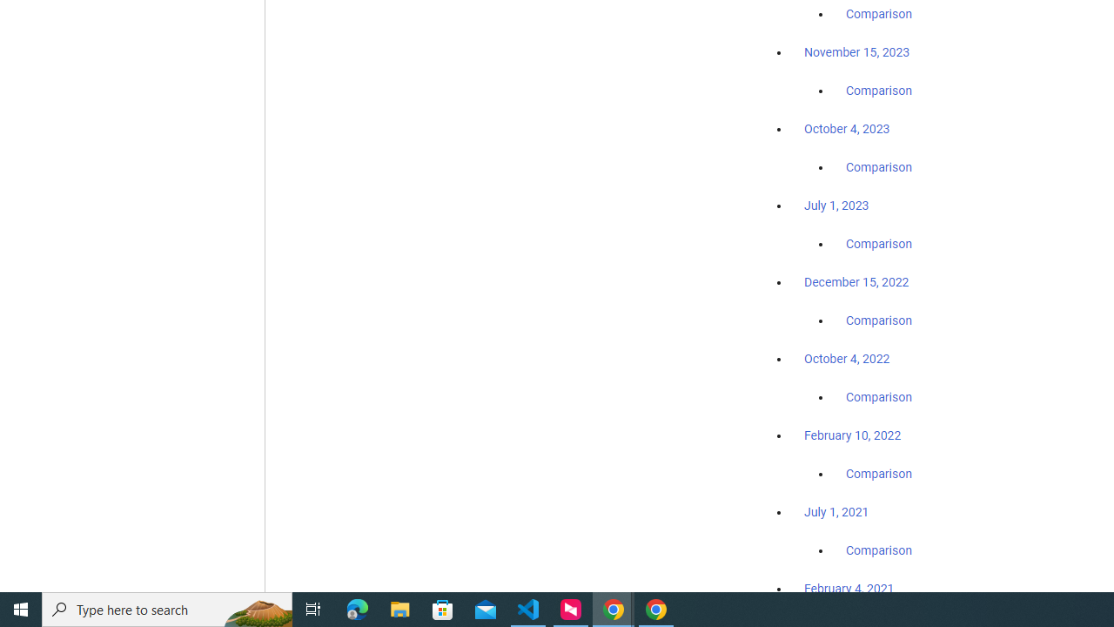 The width and height of the screenshot is (1114, 627). What do you see at coordinates (849, 588) in the screenshot?
I see `'February 4, 2021'` at bounding box center [849, 588].